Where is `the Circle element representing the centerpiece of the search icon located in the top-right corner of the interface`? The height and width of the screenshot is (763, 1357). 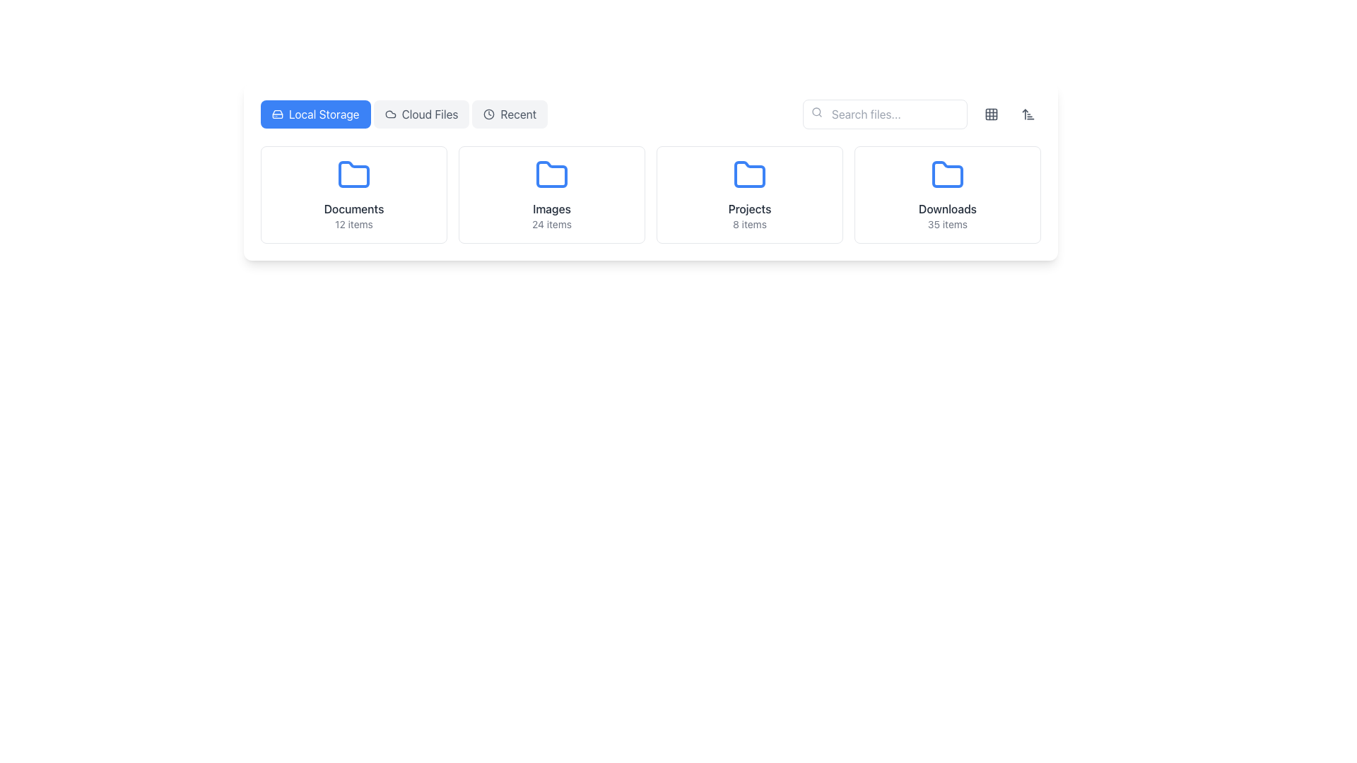 the Circle element representing the centerpiece of the search icon located in the top-right corner of the interface is located at coordinates (816, 111).